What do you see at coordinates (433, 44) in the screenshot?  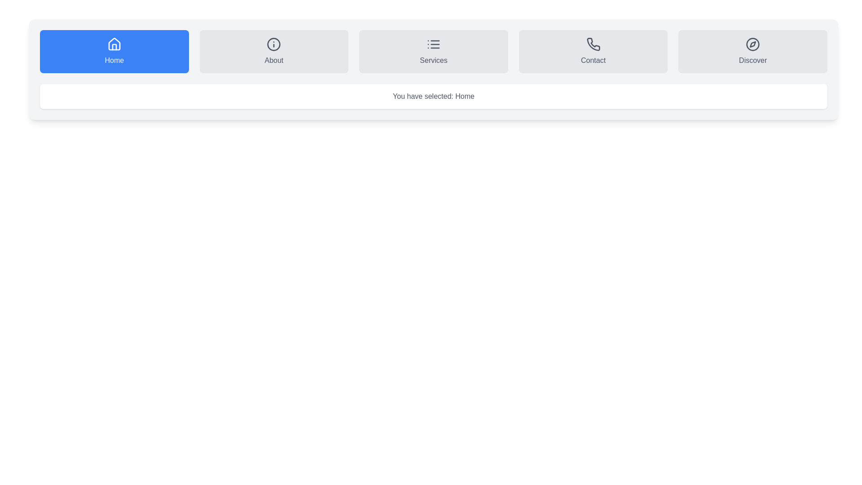 I see `the 'Services' button in the navigation menu that contains the glyph icon styled like a list with three horizontal lines and small dots` at bounding box center [433, 44].